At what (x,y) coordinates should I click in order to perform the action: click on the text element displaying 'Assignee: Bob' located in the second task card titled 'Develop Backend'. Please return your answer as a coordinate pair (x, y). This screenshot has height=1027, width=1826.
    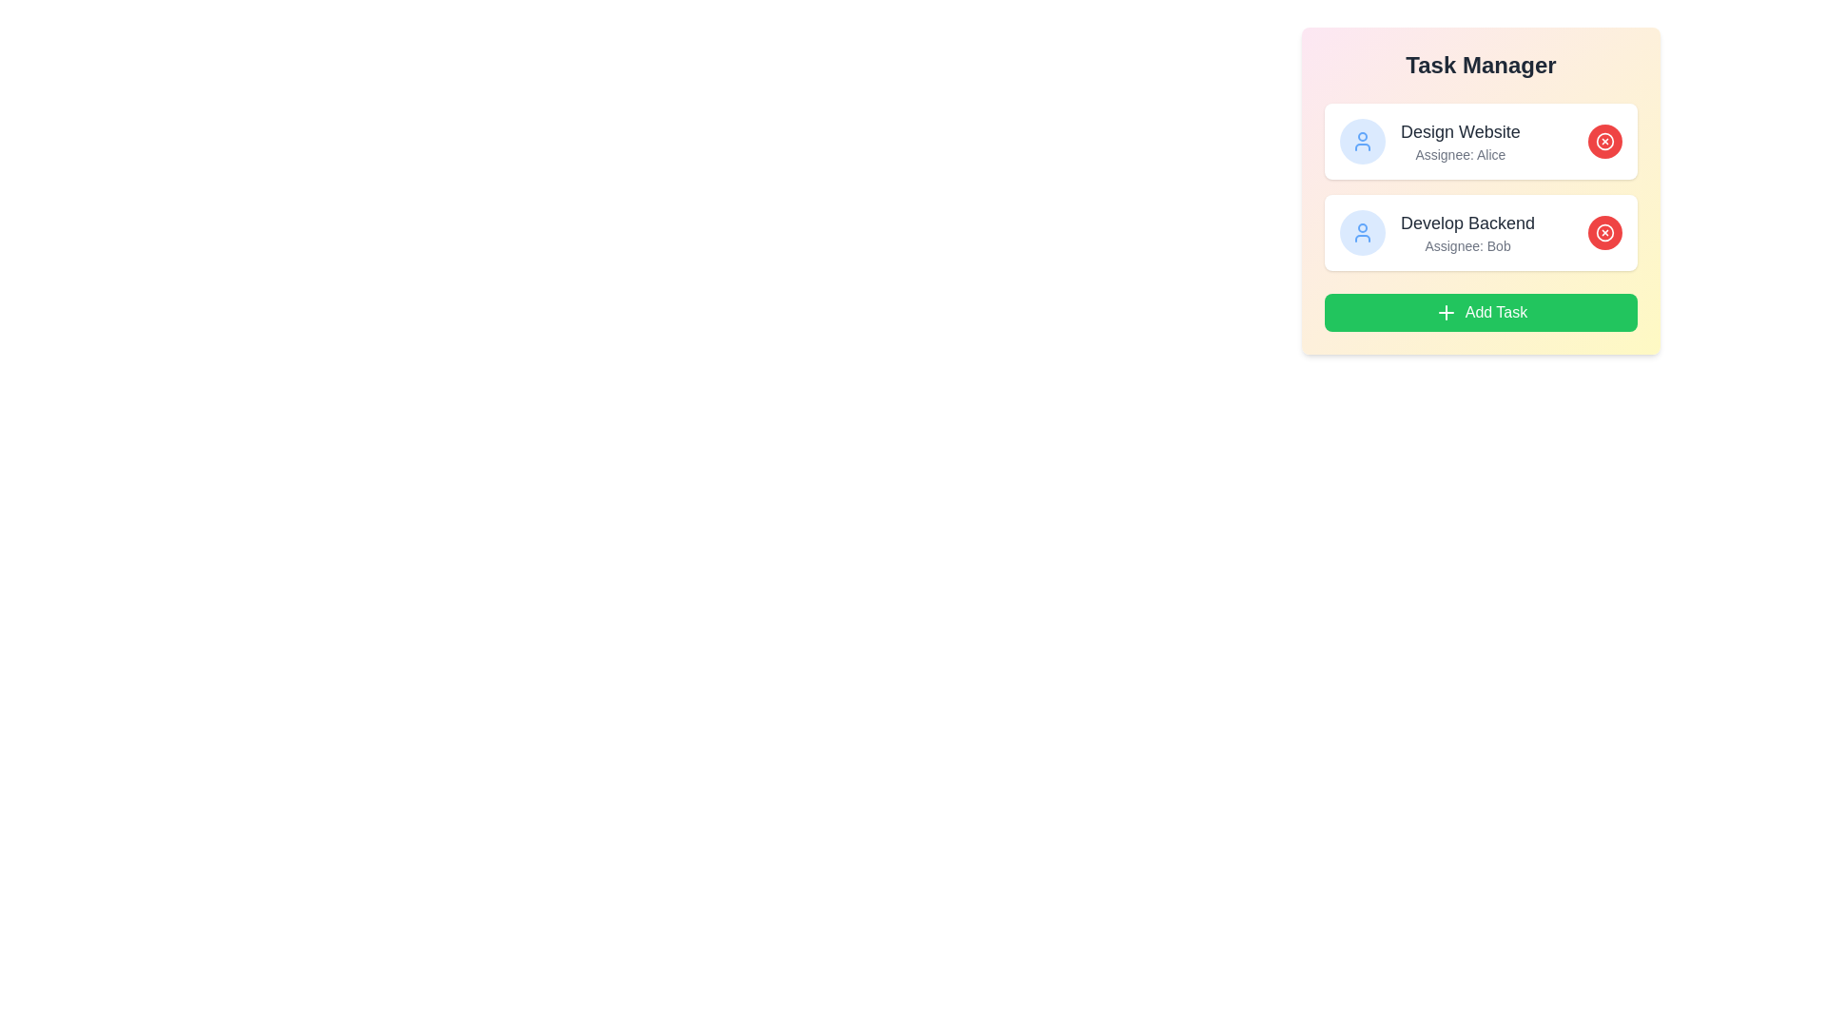
    Looking at the image, I should click on (1467, 244).